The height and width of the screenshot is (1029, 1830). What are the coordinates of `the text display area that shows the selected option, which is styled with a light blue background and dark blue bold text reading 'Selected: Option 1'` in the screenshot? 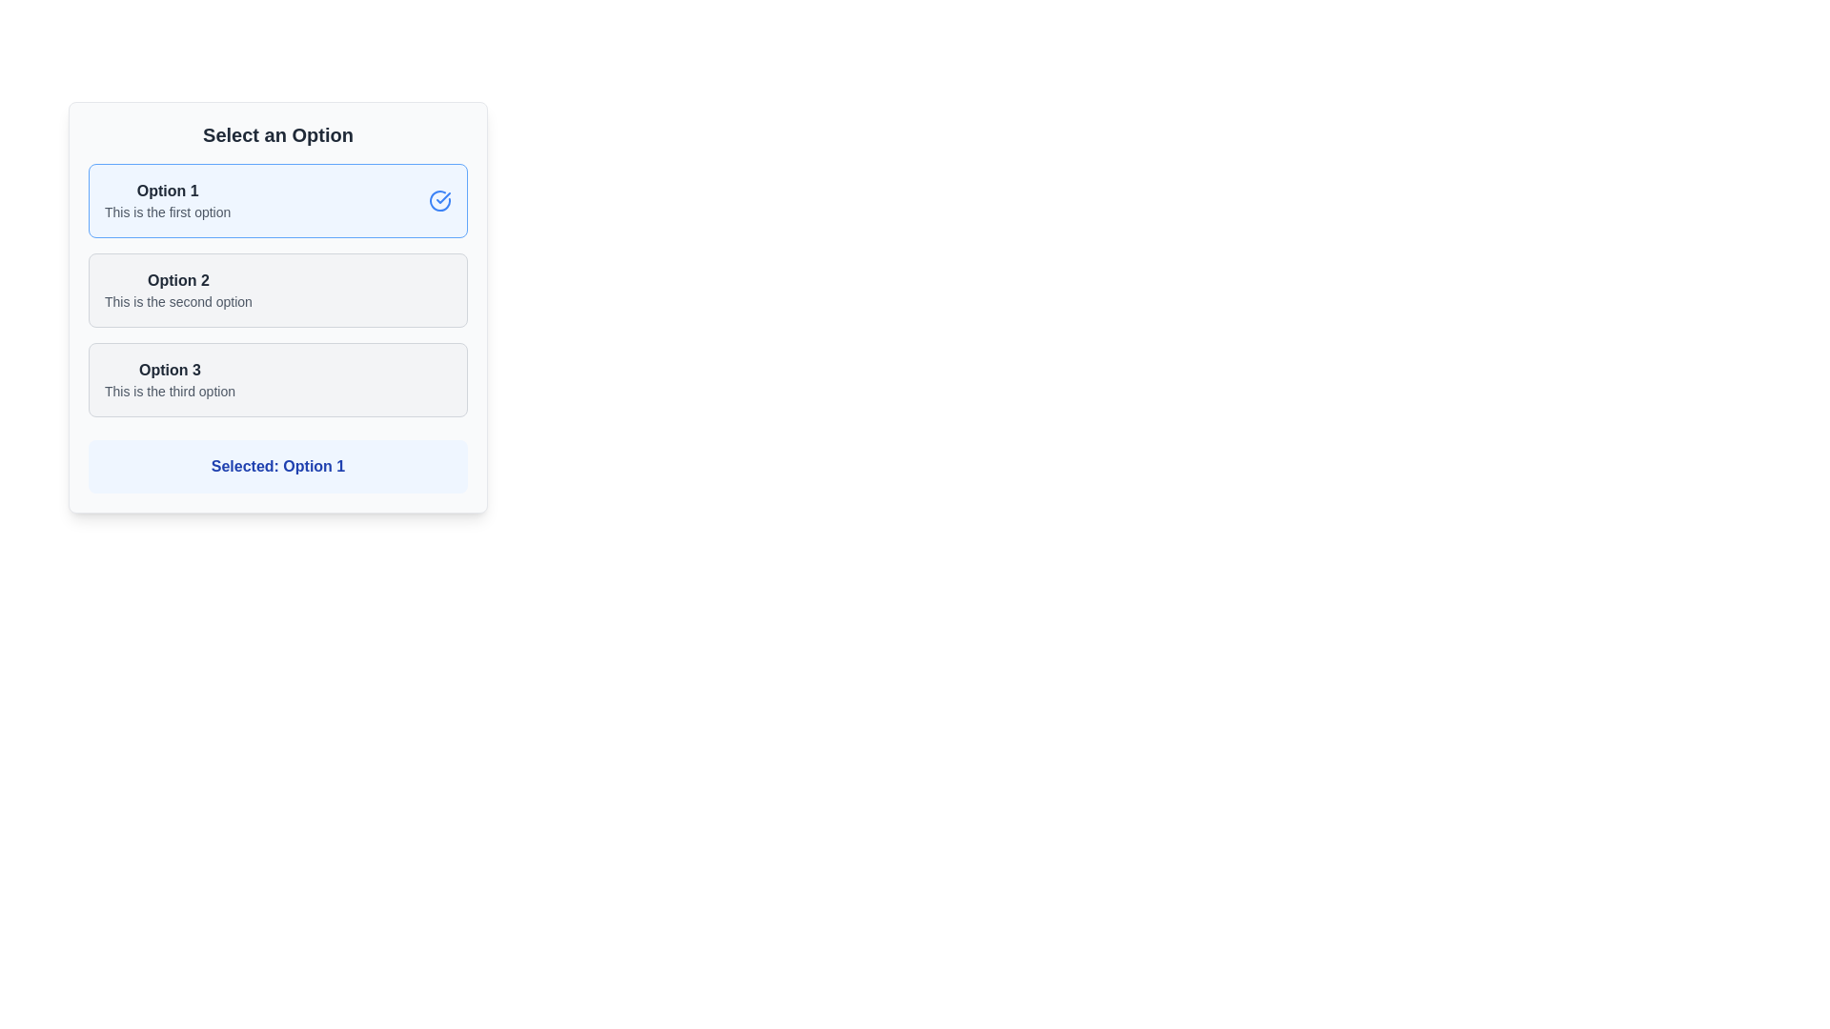 It's located at (277, 466).